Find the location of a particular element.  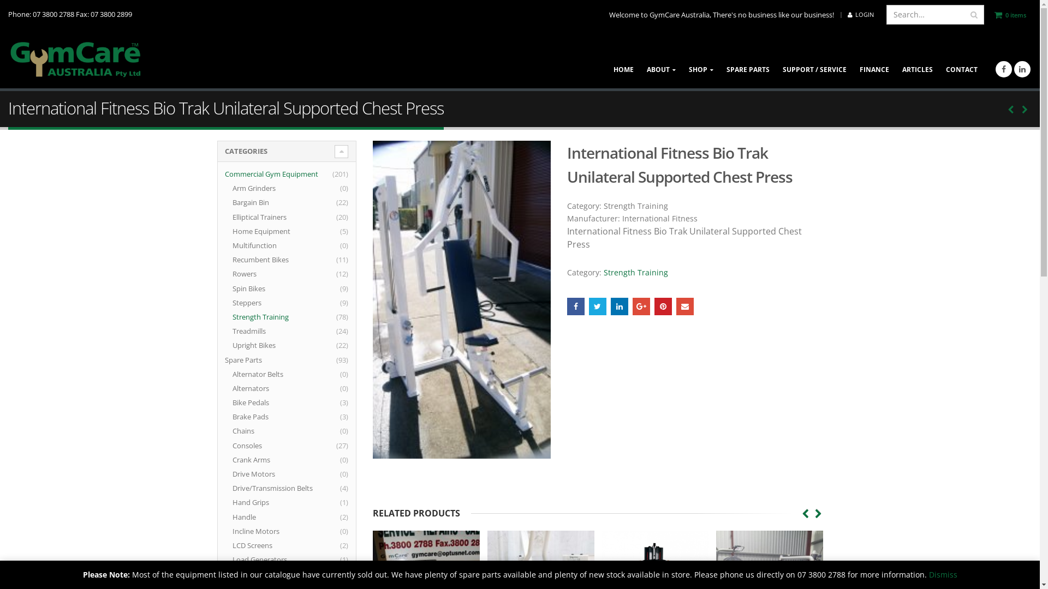

'CONTACT' is located at coordinates (961, 59).